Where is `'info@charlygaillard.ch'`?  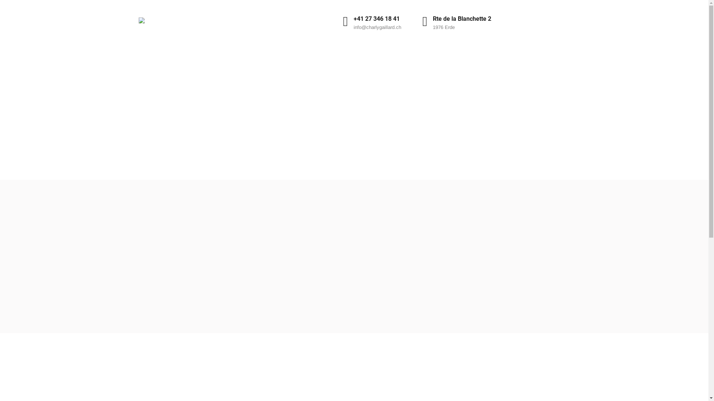
'info@charlygaillard.ch' is located at coordinates (377, 27).